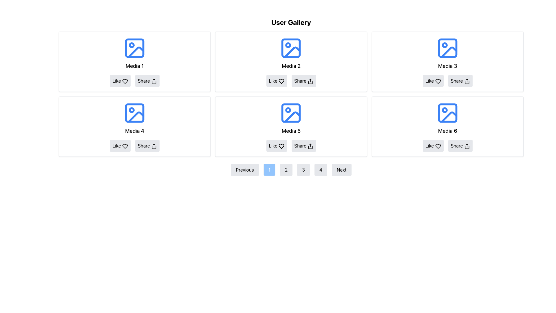  Describe the element at coordinates (281, 81) in the screenshot. I see `the heart-shaped icon within the 'Like' button beneath the 'Media 2' item in the gallery interface` at that location.